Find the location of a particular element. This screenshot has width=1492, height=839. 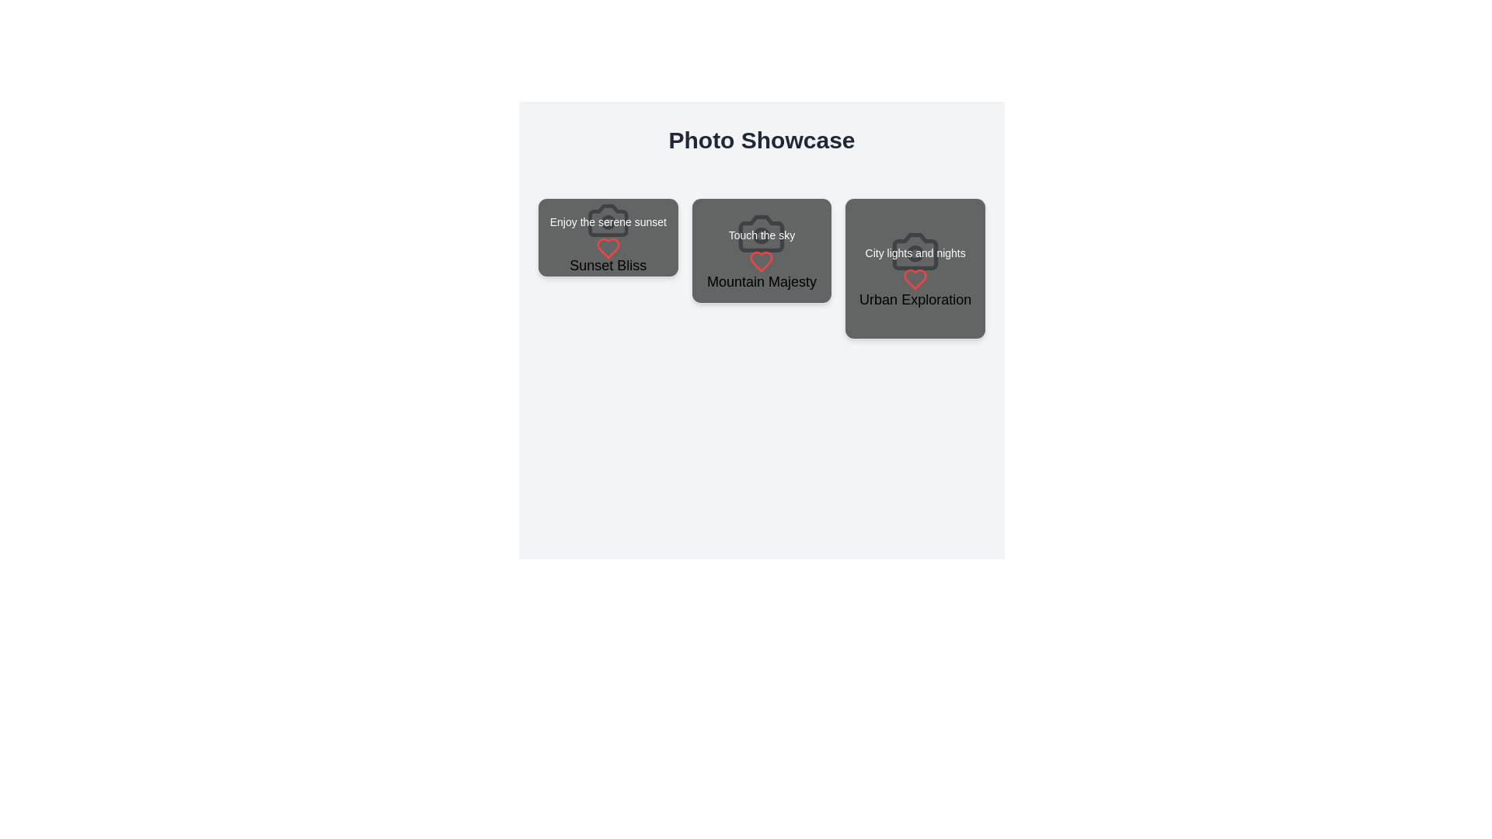

the camera icon representing photography content in the 'Urban Exploration' section, located above the text 'City lights and nights' is located at coordinates (915, 250).